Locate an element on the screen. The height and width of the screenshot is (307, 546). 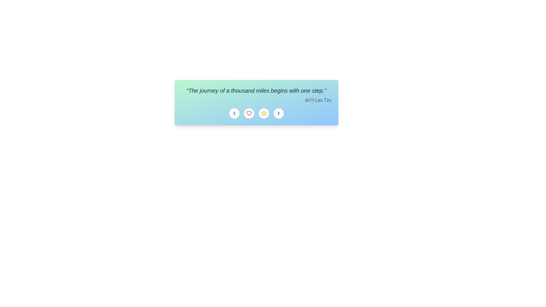
the fifth circular button from the left, which is a 'next' navigation control is located at coordinates (278, 113).